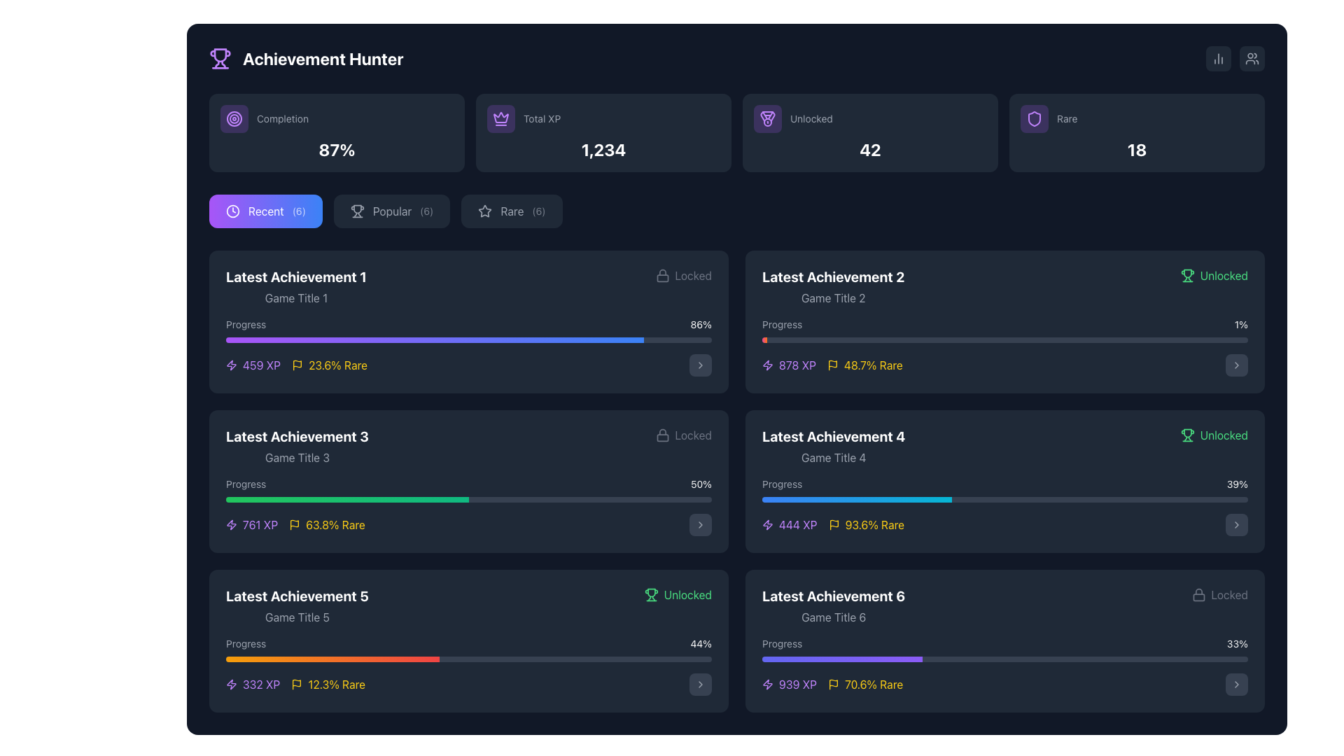 The height and width of the screenshot is (756, 1344). What do you see at coordinates (832, 364) in the screenshot?
I see `the details of the achievement's progress and rarity information label located in the 'Latest Achievement 2' section, positioned below the progress bar and above 'Latest Achievement 4'` at bounding box center [832, 364].